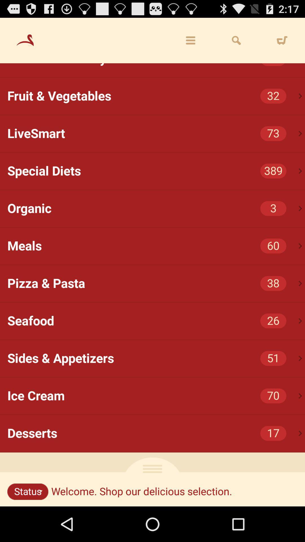  What do you see at coordinates (156, 395) in the screenshot?
I see `ice cream item` at bounding box center [156, 395].